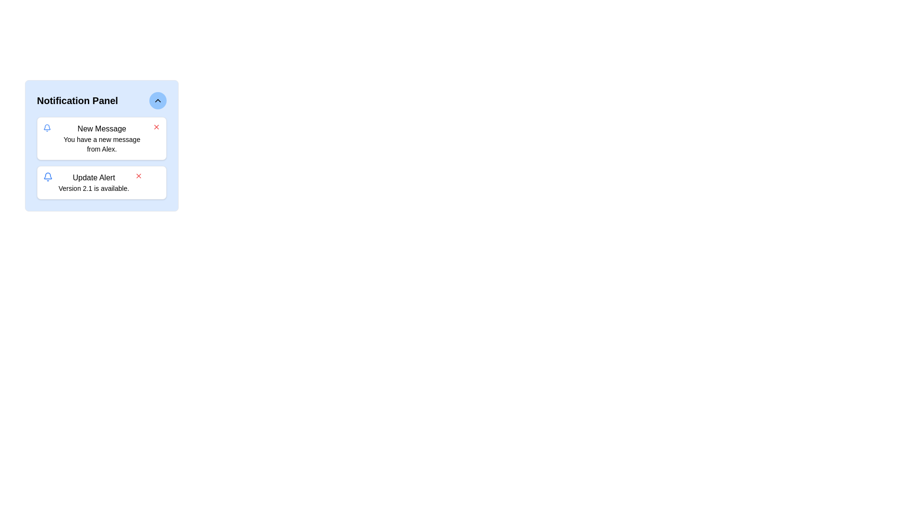 Image resolution: width=922 pixels, height=518 pixels. I want to click on the 'Update Alert' text label that displays 'Version 2.1 is available.' located below the 'New Message' notification in the notification panel, so click(94, 183).